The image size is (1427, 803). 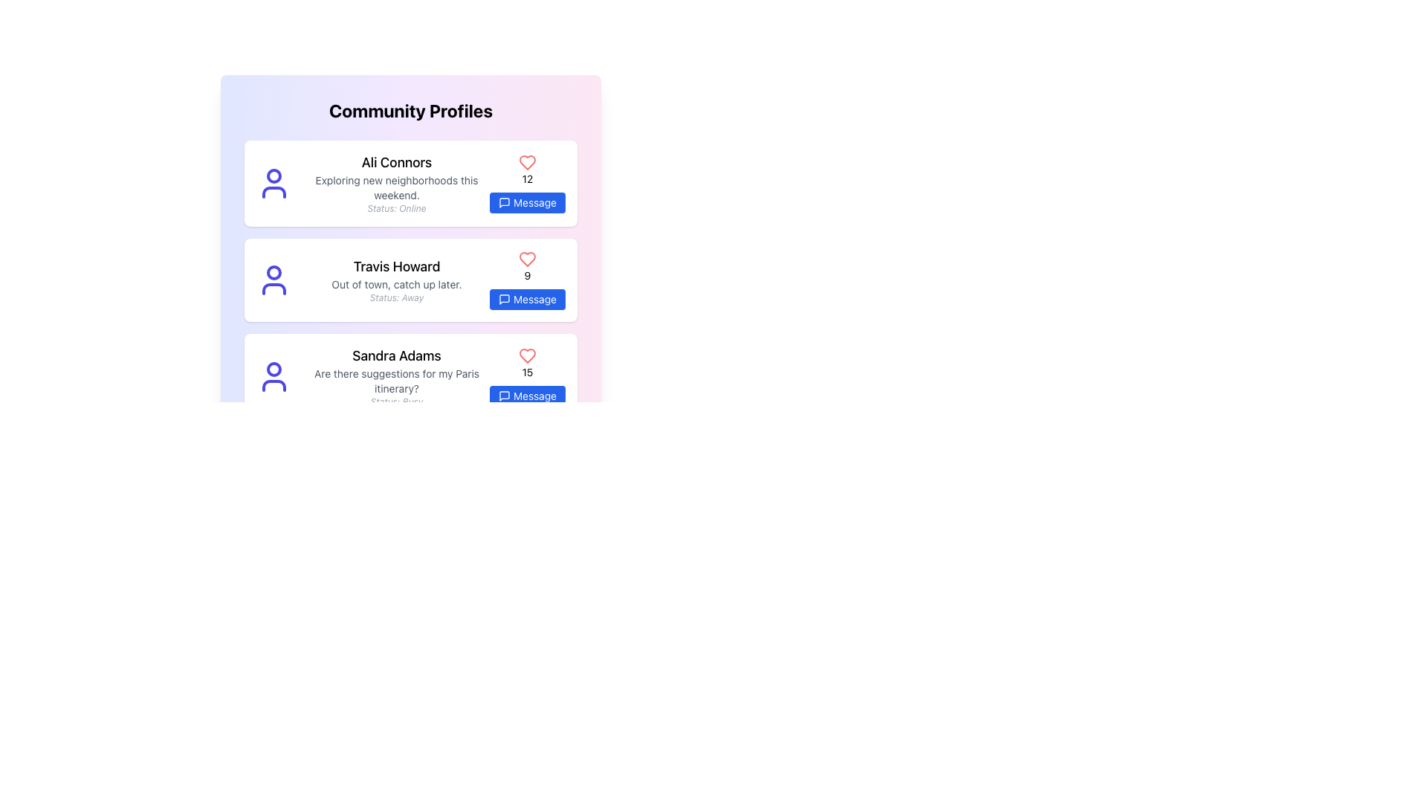 I want to click on message displayed in the Text Label for 'Travis Howard', which provides contextual information about their current state or activity, so click(x=396, y=284).